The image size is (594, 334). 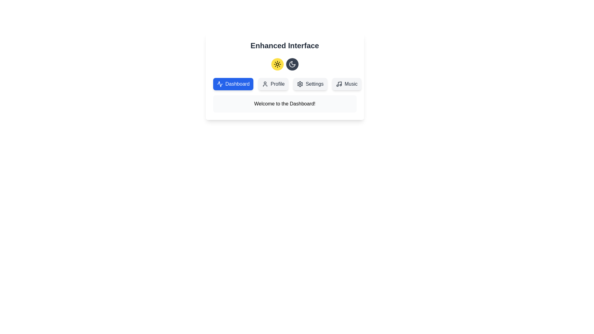 I want to click on the 'Music' text label, so click(x=351, y=84).